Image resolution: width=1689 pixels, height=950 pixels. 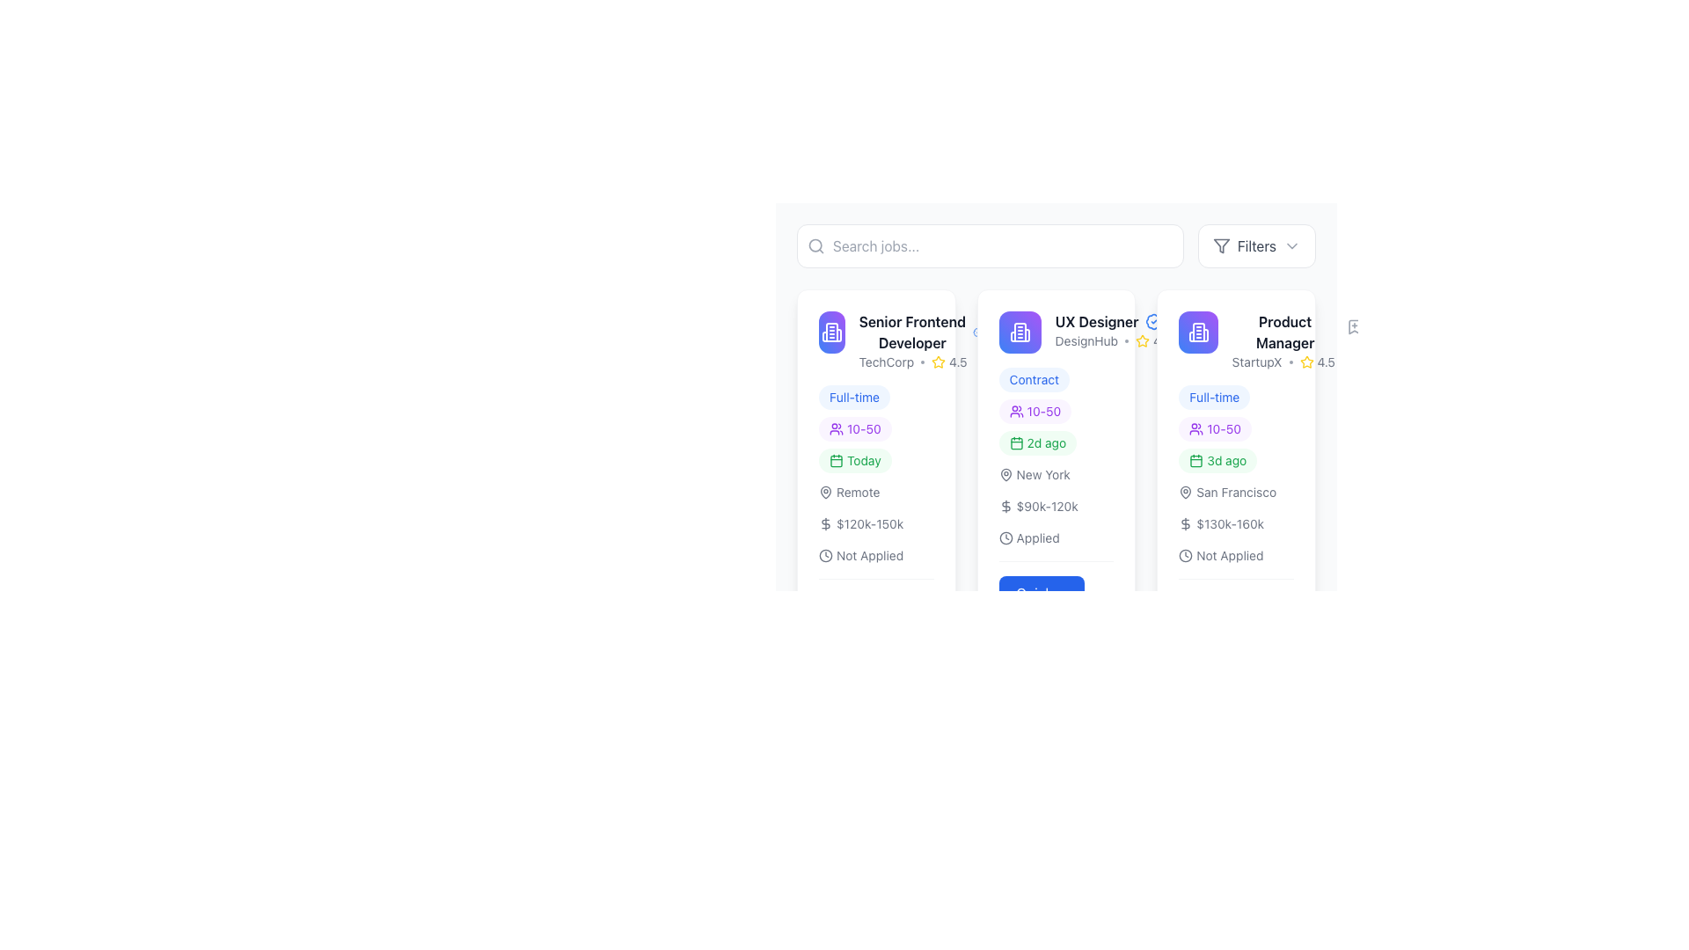 I want to click on the stylized funnel icon representing the graphic filter feature located in the top center toolbar, so click(x=1220, y=246).